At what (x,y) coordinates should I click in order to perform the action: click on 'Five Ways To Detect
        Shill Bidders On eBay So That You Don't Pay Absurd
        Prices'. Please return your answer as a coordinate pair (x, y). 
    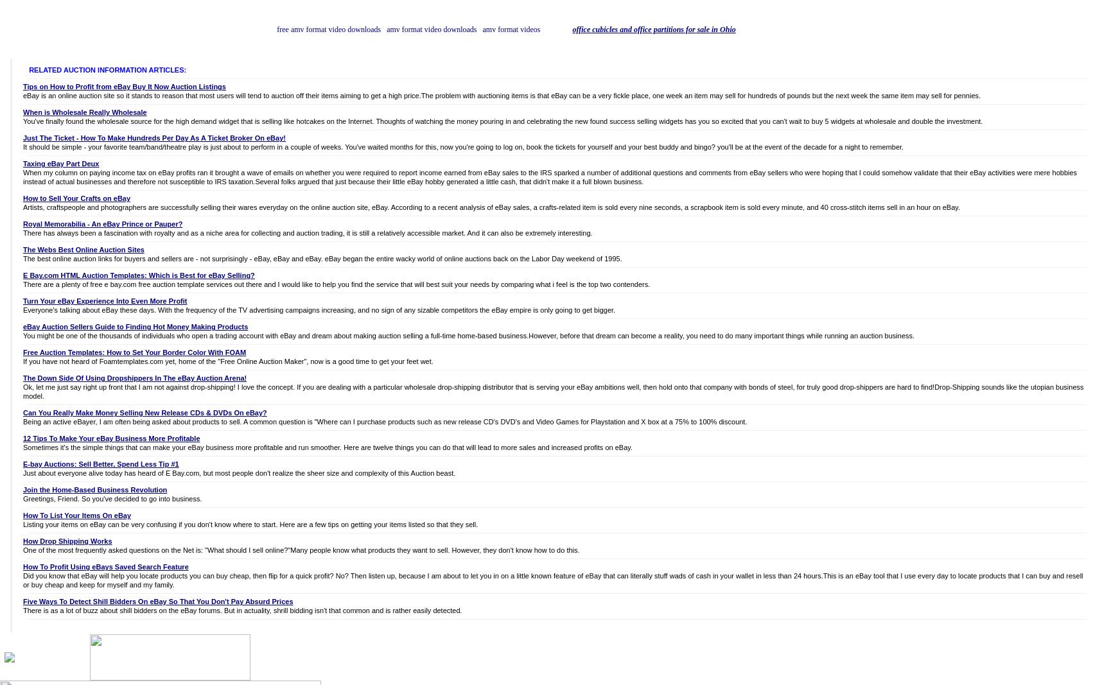
    Looking at the image, I should click on (157, 602).